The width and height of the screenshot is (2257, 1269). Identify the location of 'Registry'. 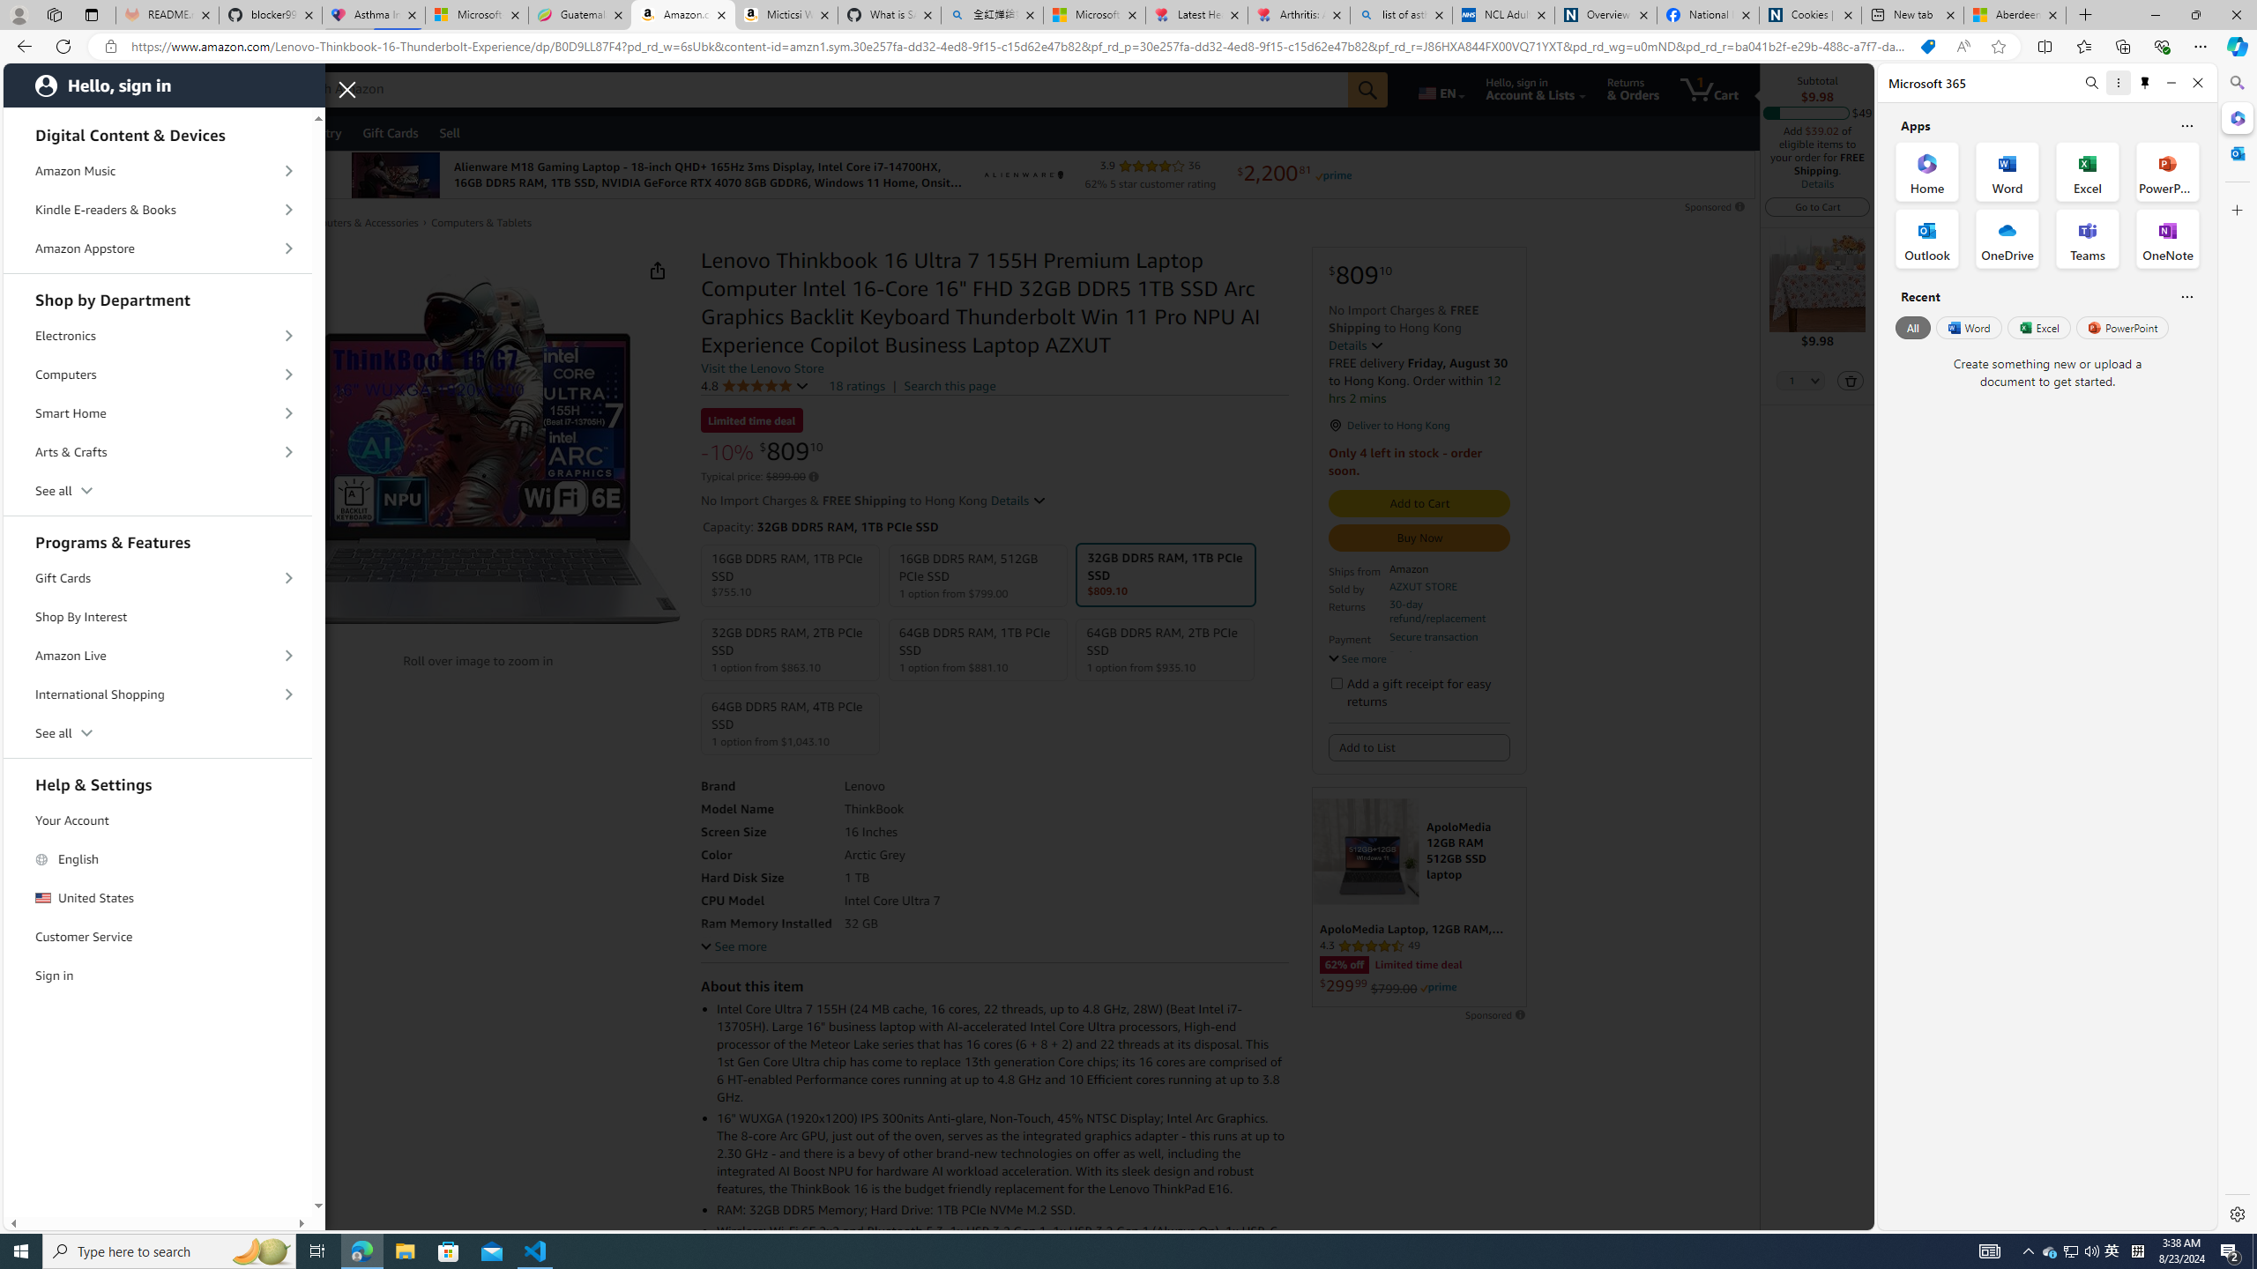
(317, 132).